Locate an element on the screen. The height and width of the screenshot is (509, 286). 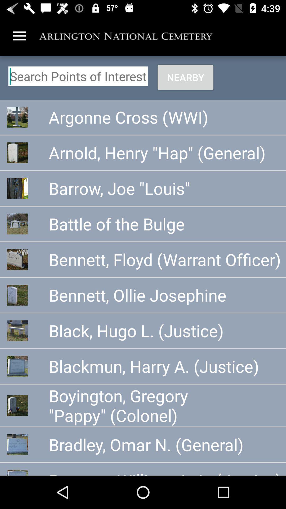
search this site is located at coordinates (78, 76).